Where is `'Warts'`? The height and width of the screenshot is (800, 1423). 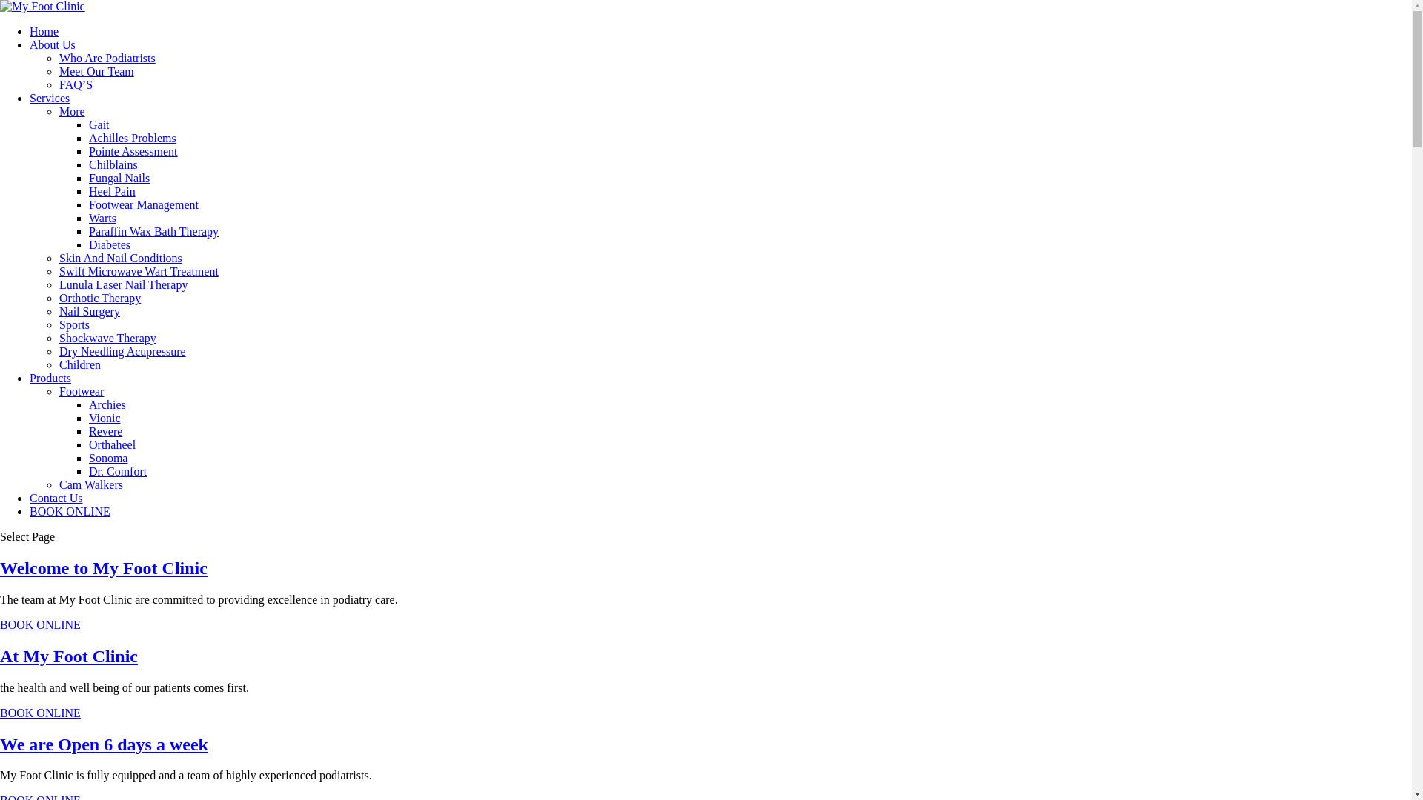
'Warts' is located at coordinates (102, 218).